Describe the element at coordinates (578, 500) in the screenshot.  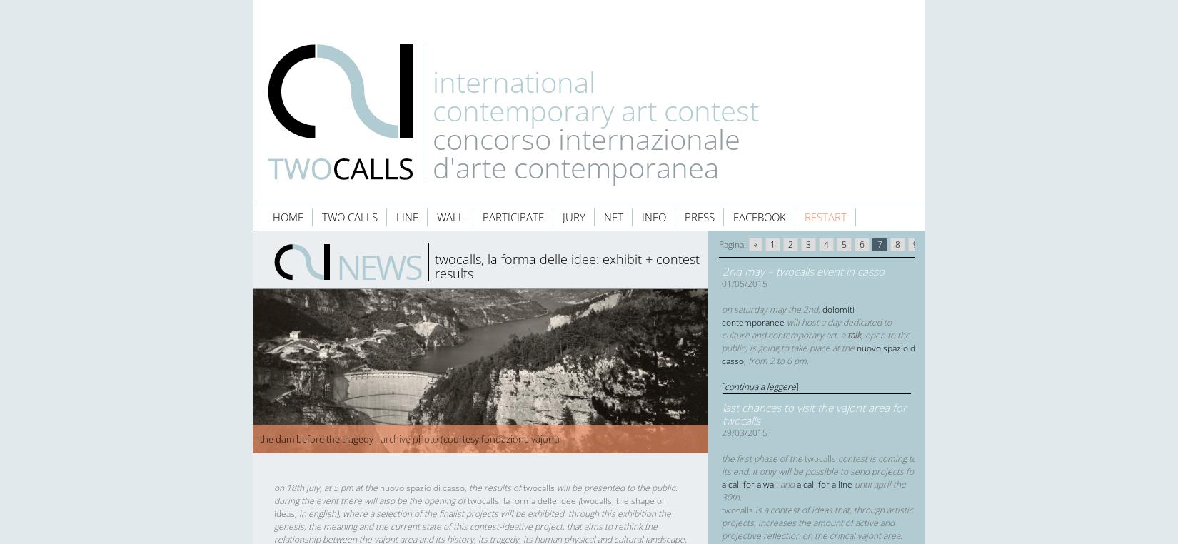
I see `'('` at that location.